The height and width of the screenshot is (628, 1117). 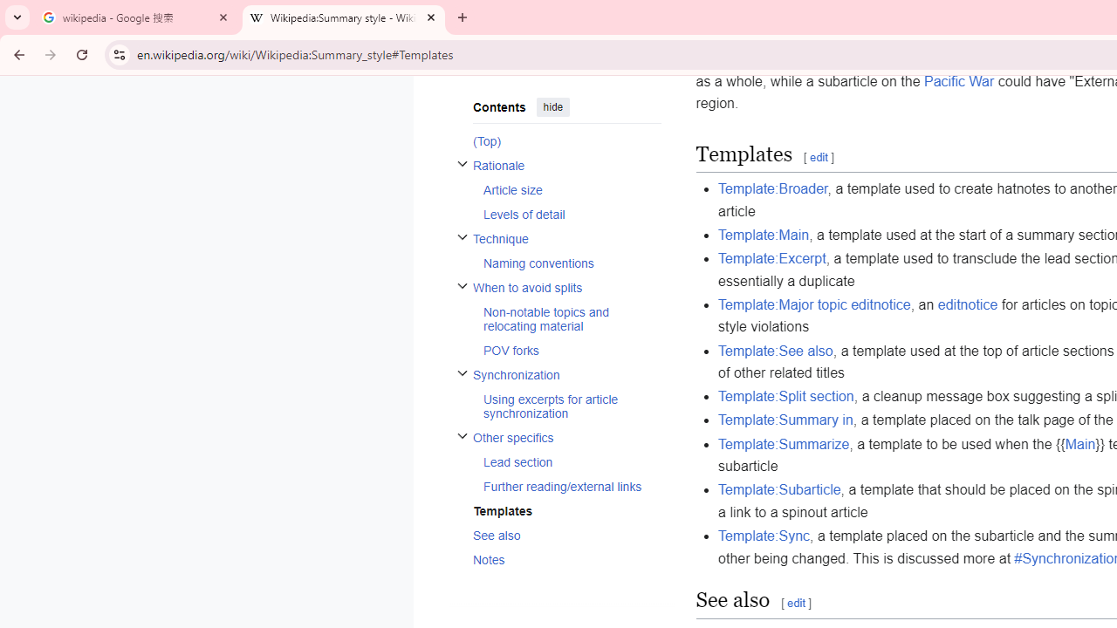 I want to click on 'Toggle Synchronization subsection', so click(x=462, y=372).